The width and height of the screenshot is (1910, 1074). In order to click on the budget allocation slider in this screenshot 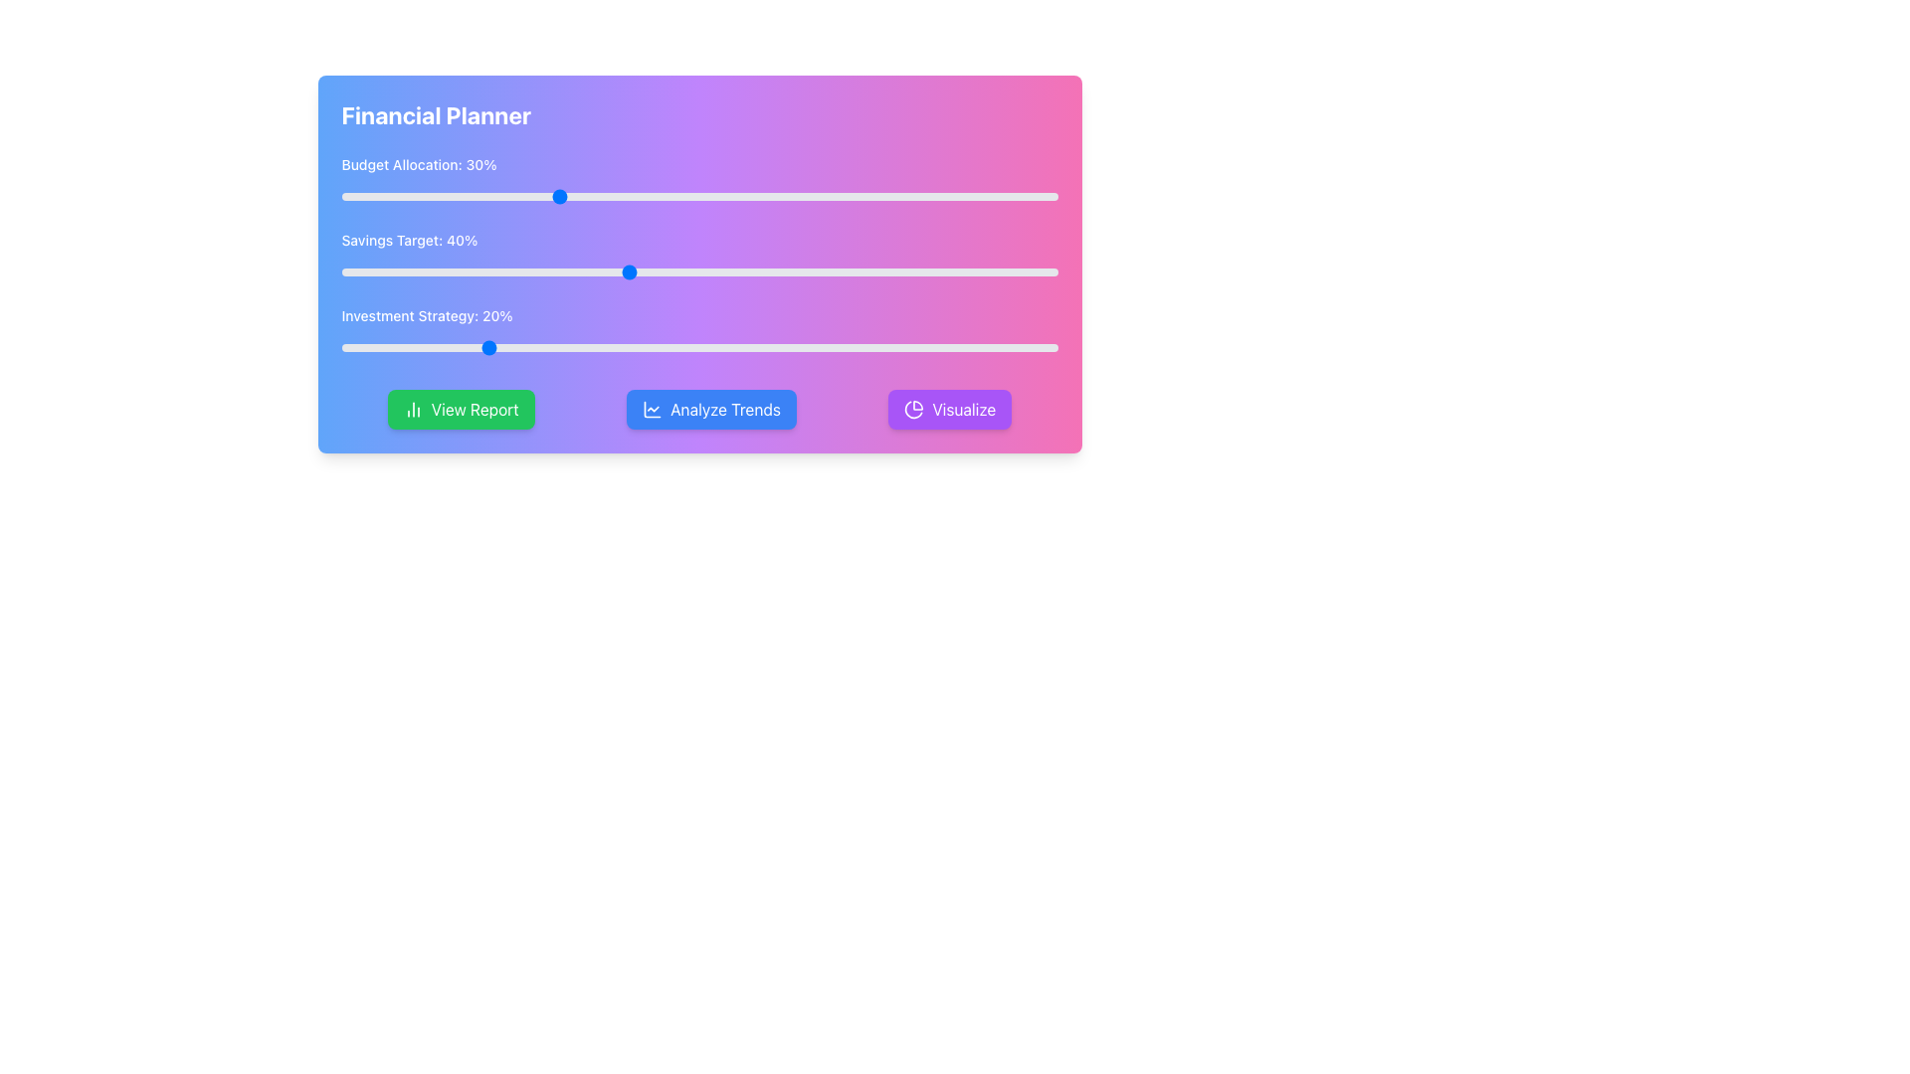, I will do `click(972, 196)`.